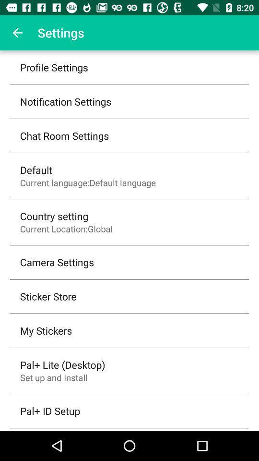 The height and width of the screenshot is (461, 259). I want to click on country setting, so click(54, 216).